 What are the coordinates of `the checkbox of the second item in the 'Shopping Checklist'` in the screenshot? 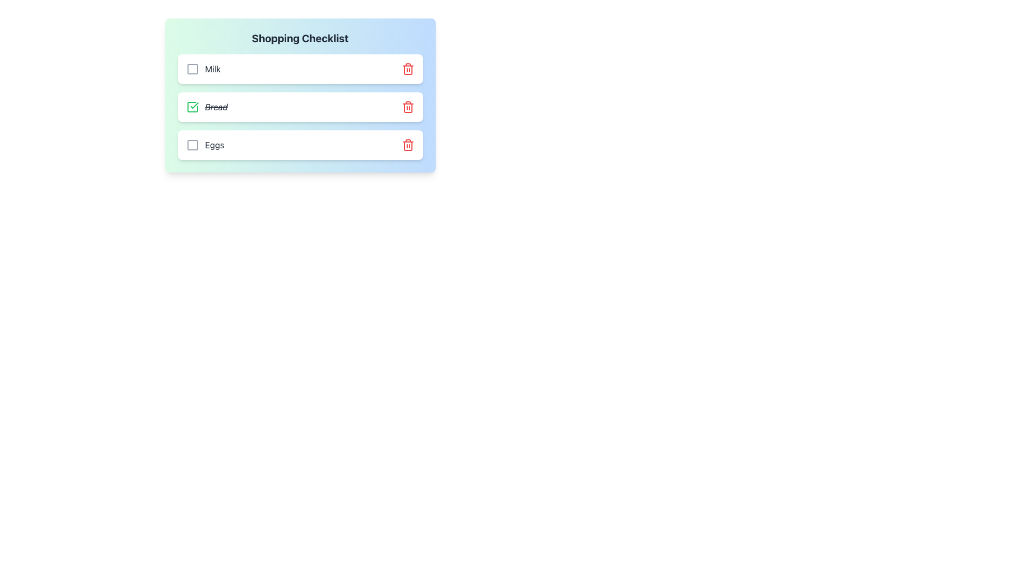 It's located at (299, 107).